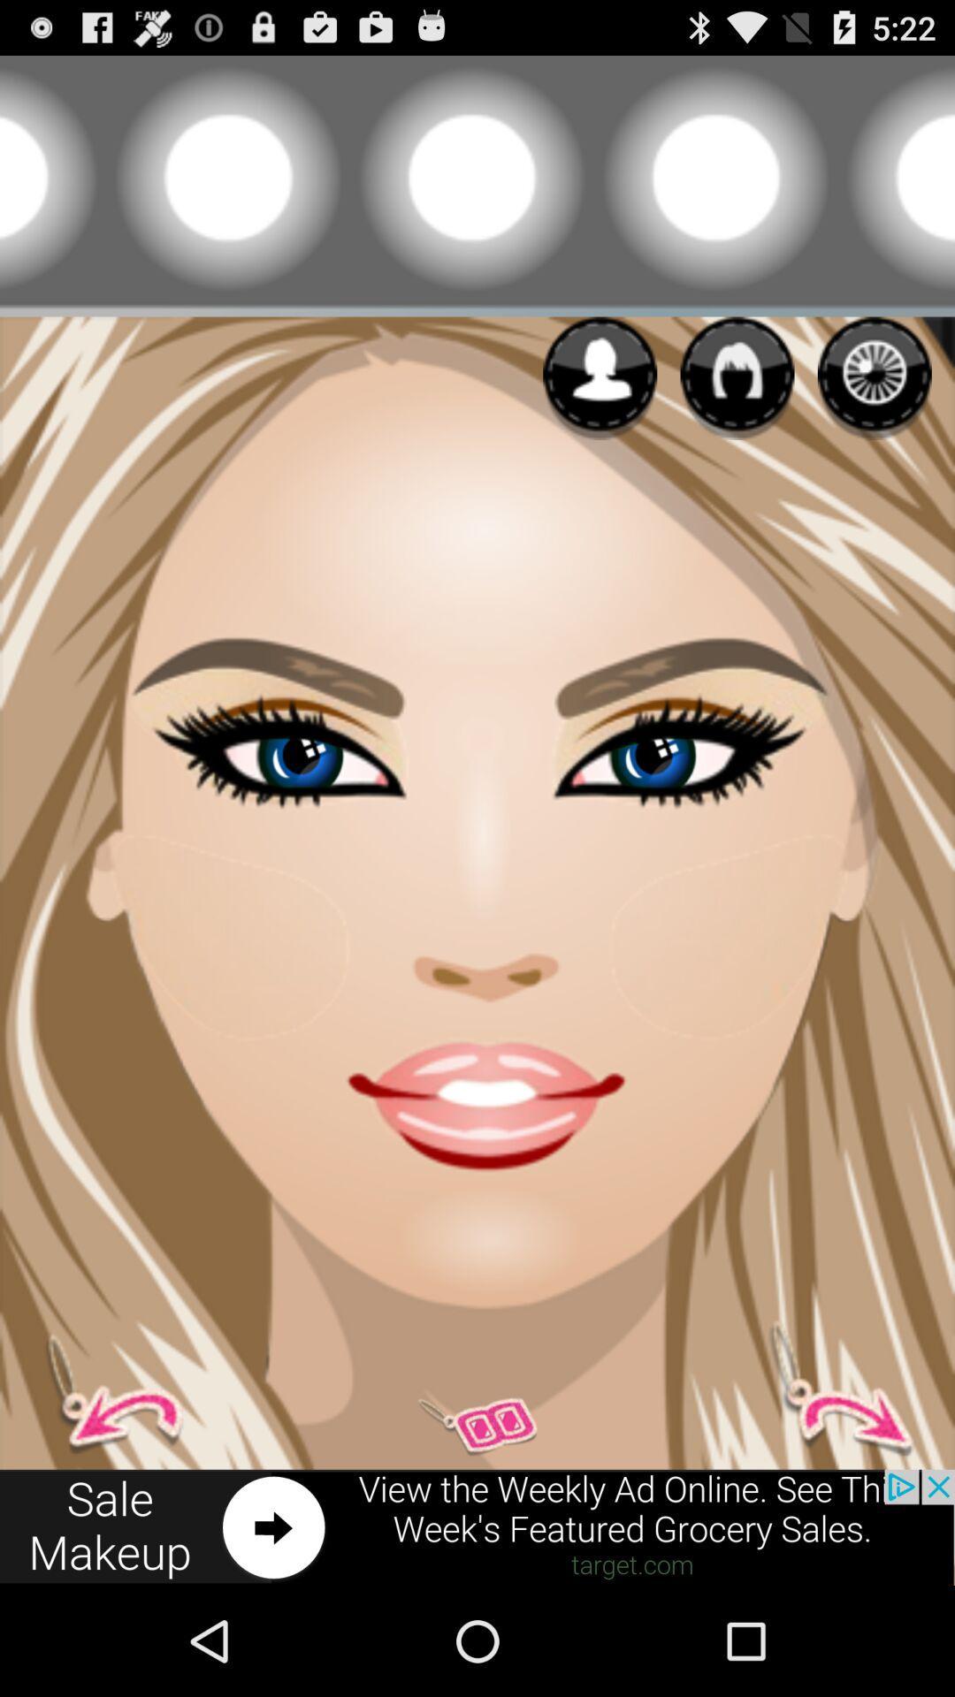 Image resolution: width=955 pixels, height=1697 pixels. Describe the element at coordinates (124, 1486) in the screenshot. I see `the avatar icon` at that location.